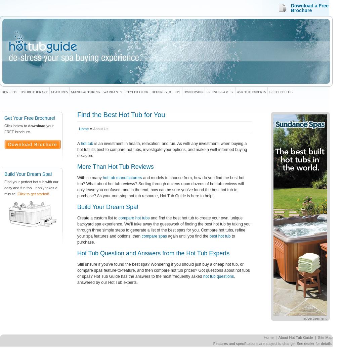  I want to click on 'Create a custom list to', so click(97, 217).